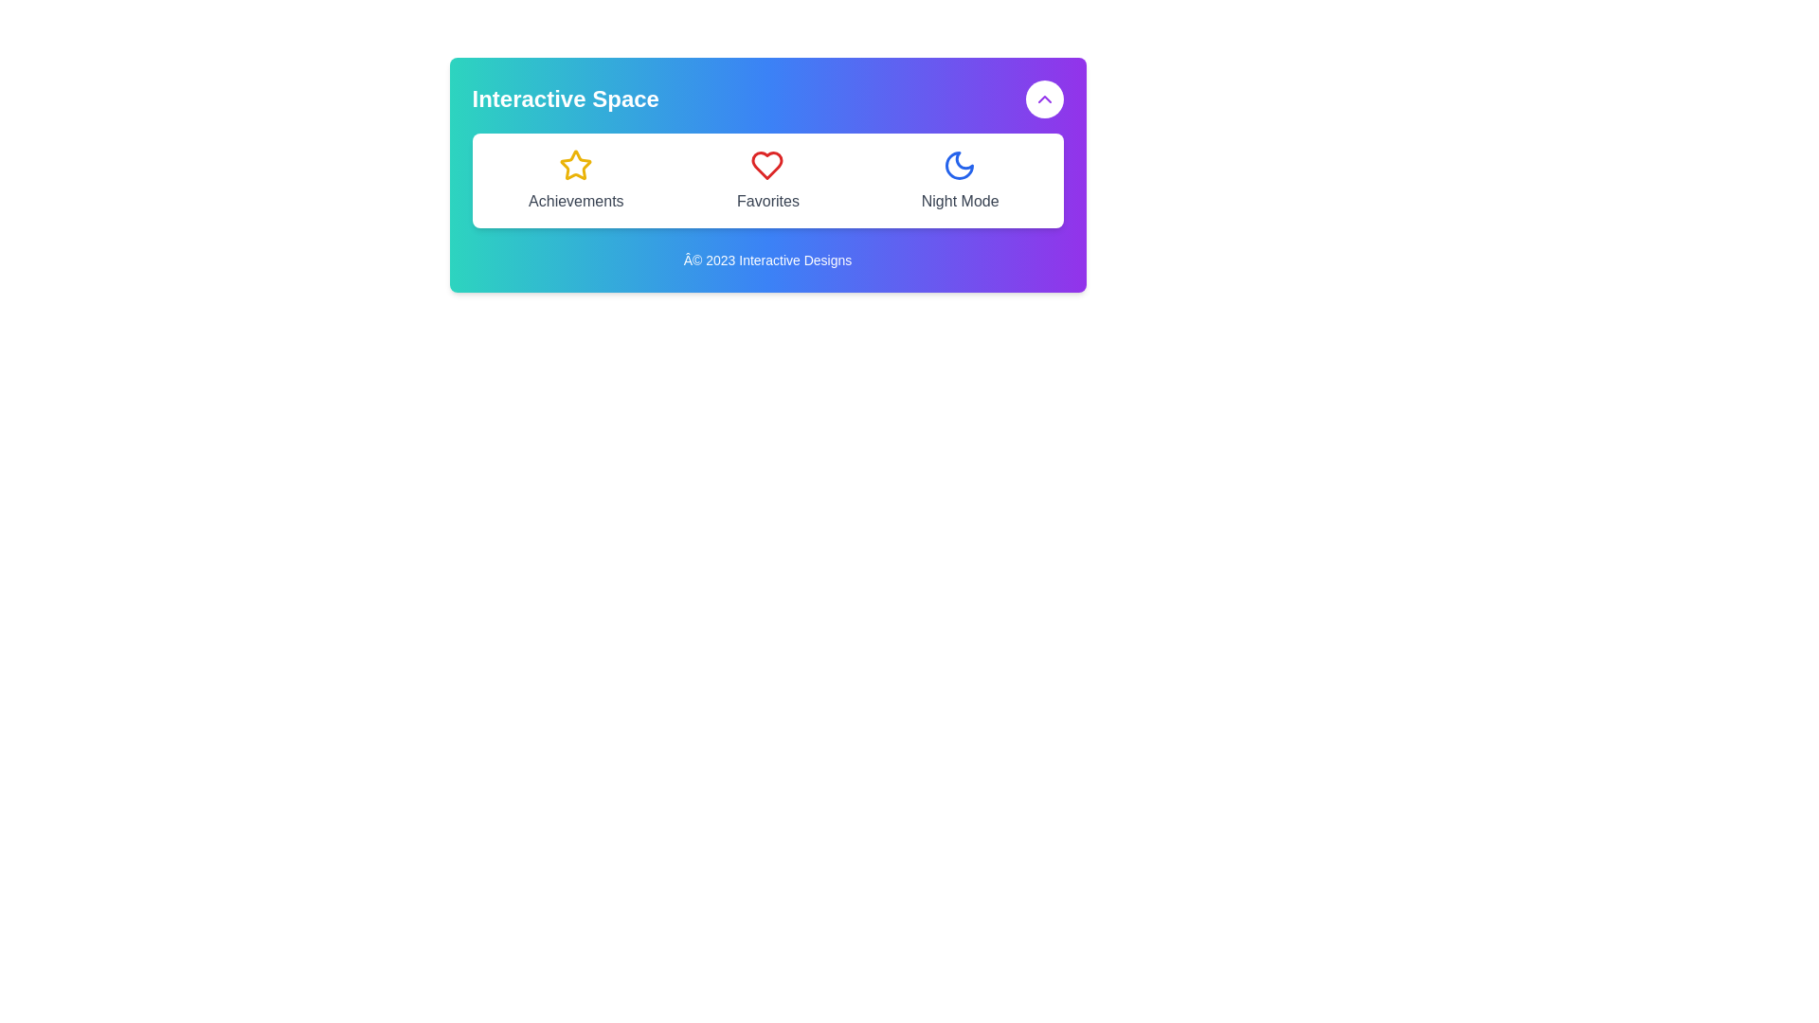 This screenshot has height=1023, width=1819. I want to click on the text label element that serves as the label for the 'Favorites' section, positioned directly below the heart icon, so click(767, 201).